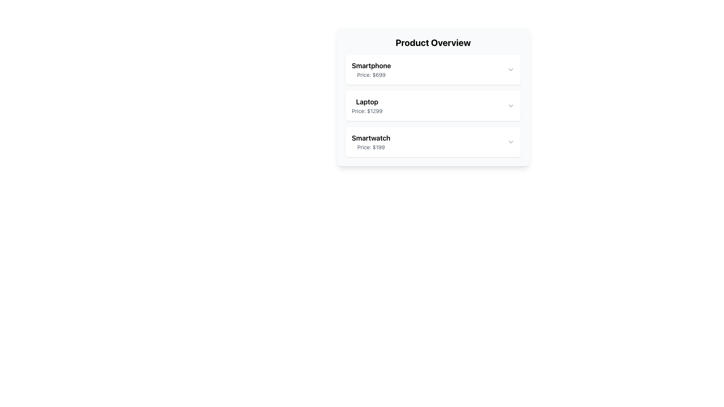 This screenshot has height=407, width=724. I want to click on the price label of the 'Smartphone' item, which is a static text element located below the 'Smartphone' label and above the next product in the list, so click(371, 75).